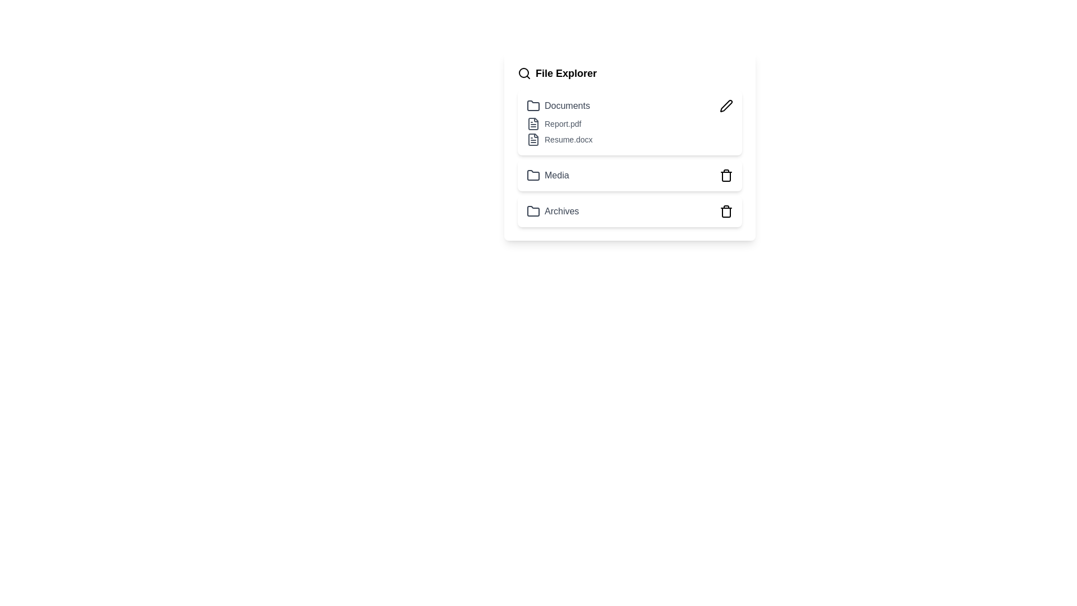  What do you see at coordinates (532, 212) in the screenshot?
I see `the folder icon located to the left of the text label 'Archives', which is the first item in its grouping and positioned near the bottom of the list` at bounding box center [532, 212].